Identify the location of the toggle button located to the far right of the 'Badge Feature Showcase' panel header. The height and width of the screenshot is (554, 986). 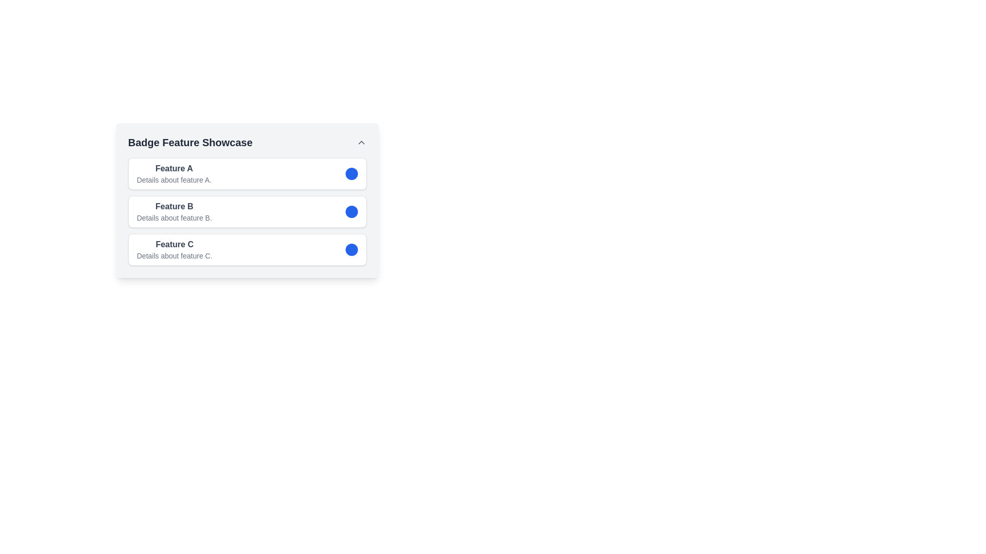
(361, 142).